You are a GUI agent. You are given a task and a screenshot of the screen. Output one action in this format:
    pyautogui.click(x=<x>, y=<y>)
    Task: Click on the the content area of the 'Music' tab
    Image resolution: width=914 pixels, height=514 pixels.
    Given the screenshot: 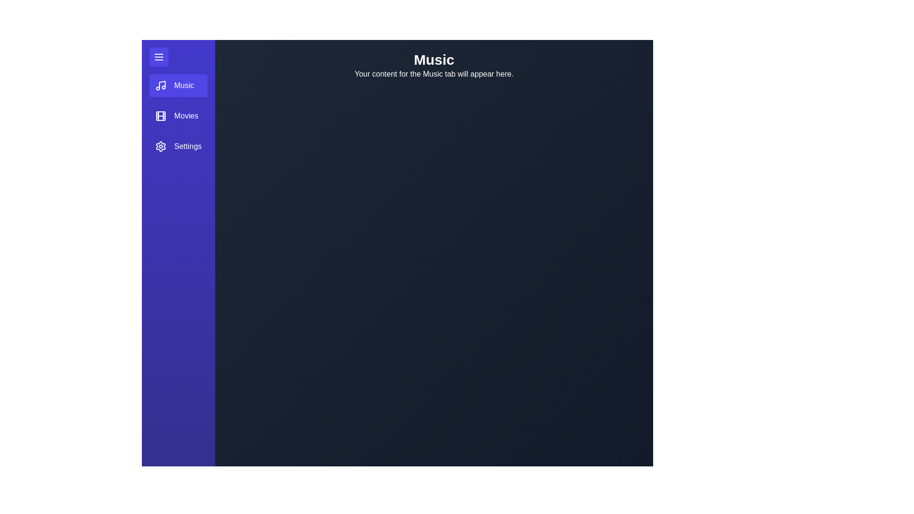 What is the action you would take?
    pyautogui.click(x=433, y=297)
    